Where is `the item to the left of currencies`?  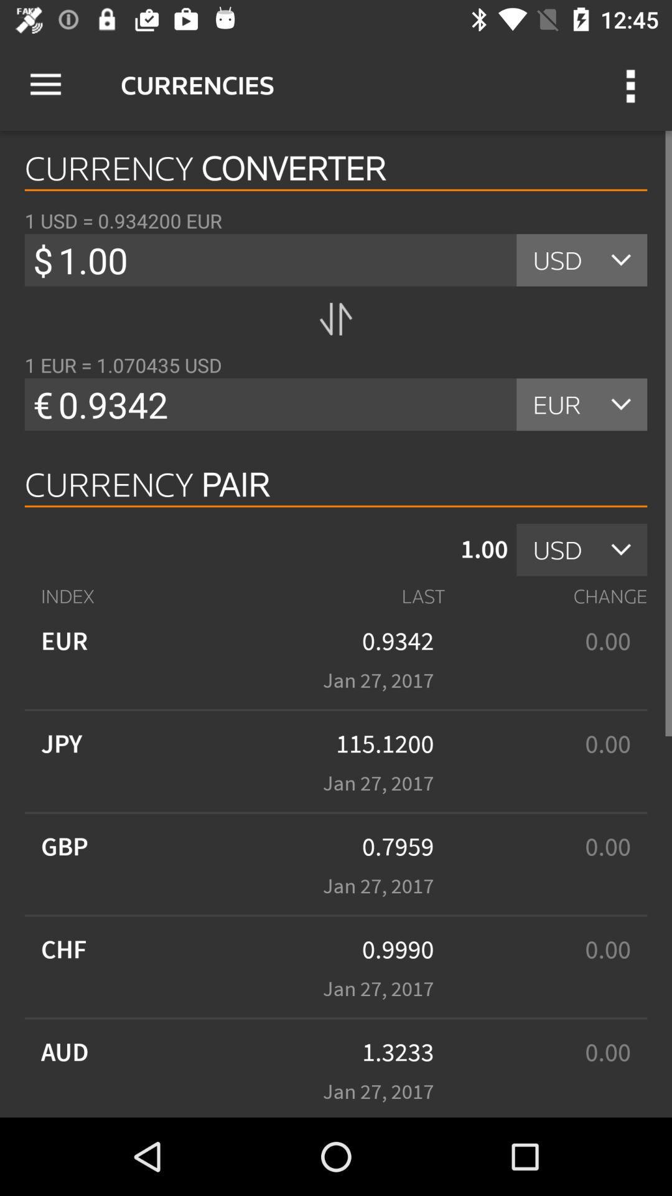 the item to the left of currencies is located at coordinates (45, 84).